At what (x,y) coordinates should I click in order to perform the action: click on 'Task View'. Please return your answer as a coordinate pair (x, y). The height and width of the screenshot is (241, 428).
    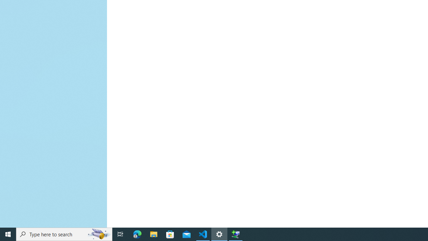
    Looking at the image, I should click on (120, 234).